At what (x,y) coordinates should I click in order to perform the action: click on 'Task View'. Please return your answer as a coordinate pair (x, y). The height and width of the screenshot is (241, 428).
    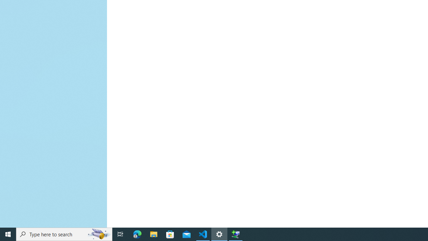
    Looking at the image, I should click on (120, 234).